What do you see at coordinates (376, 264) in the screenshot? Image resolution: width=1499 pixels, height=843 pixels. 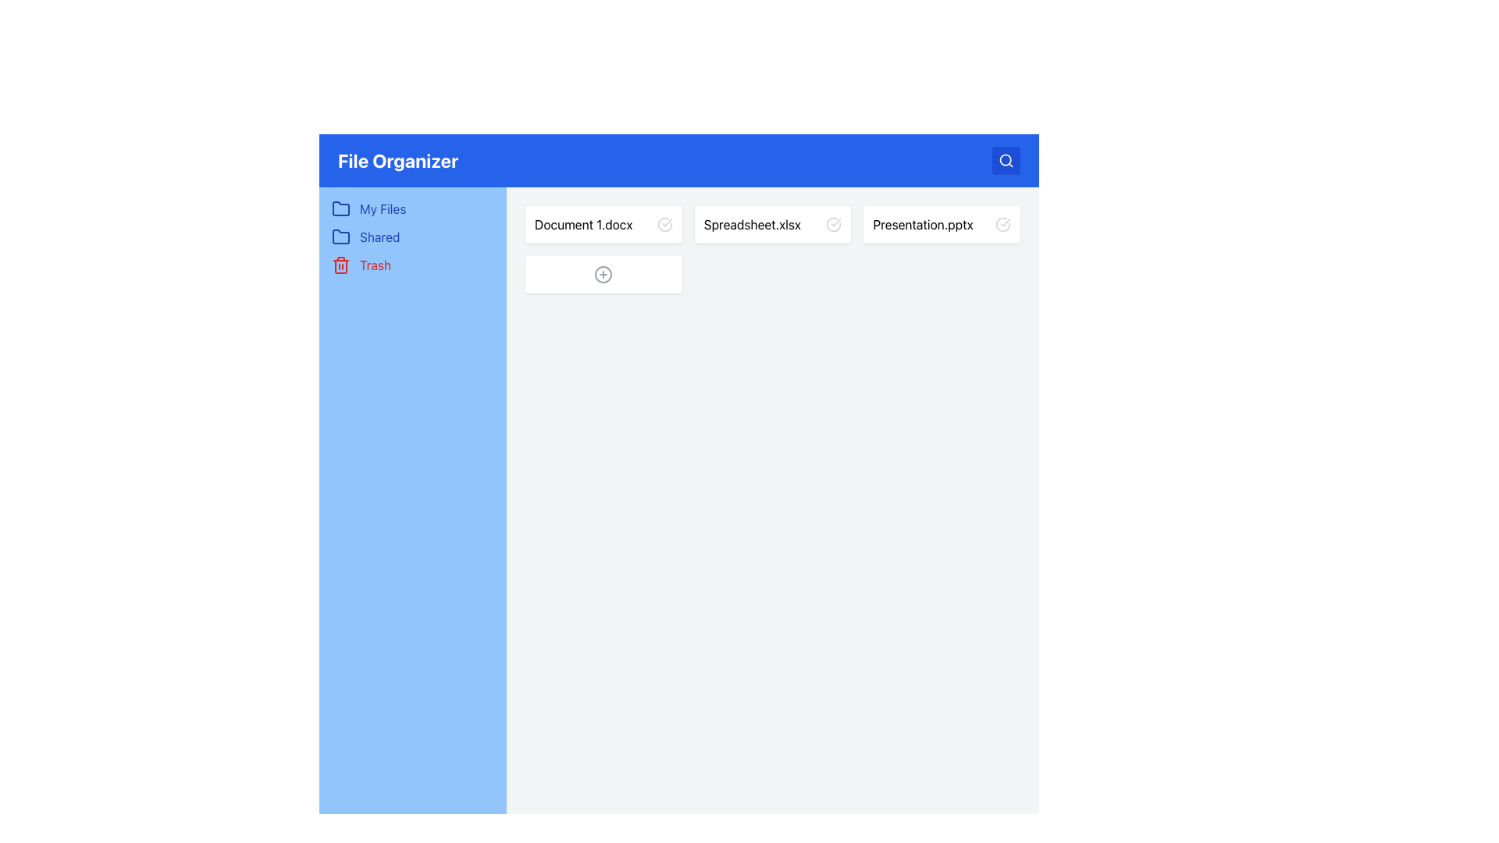 I see `the 'Trash' text label in the navigation menu, which indicates the section for deleted items` at bounding box center [376, 264].